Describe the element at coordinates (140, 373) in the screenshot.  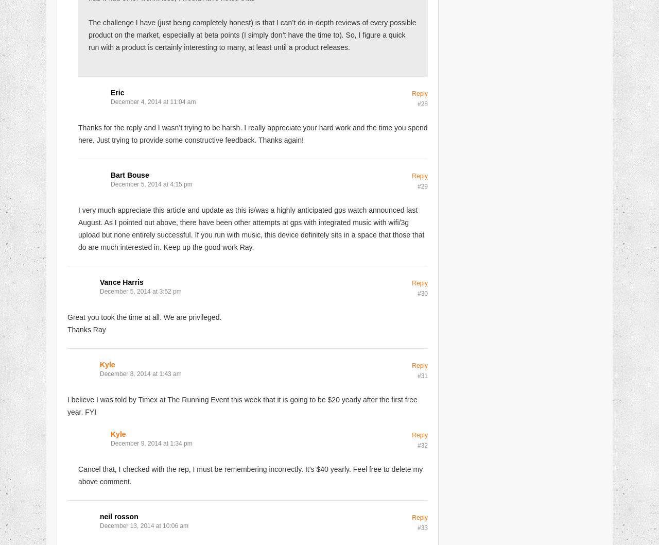
I see `'December 8, 2014 at 1:43 am'` at that location.